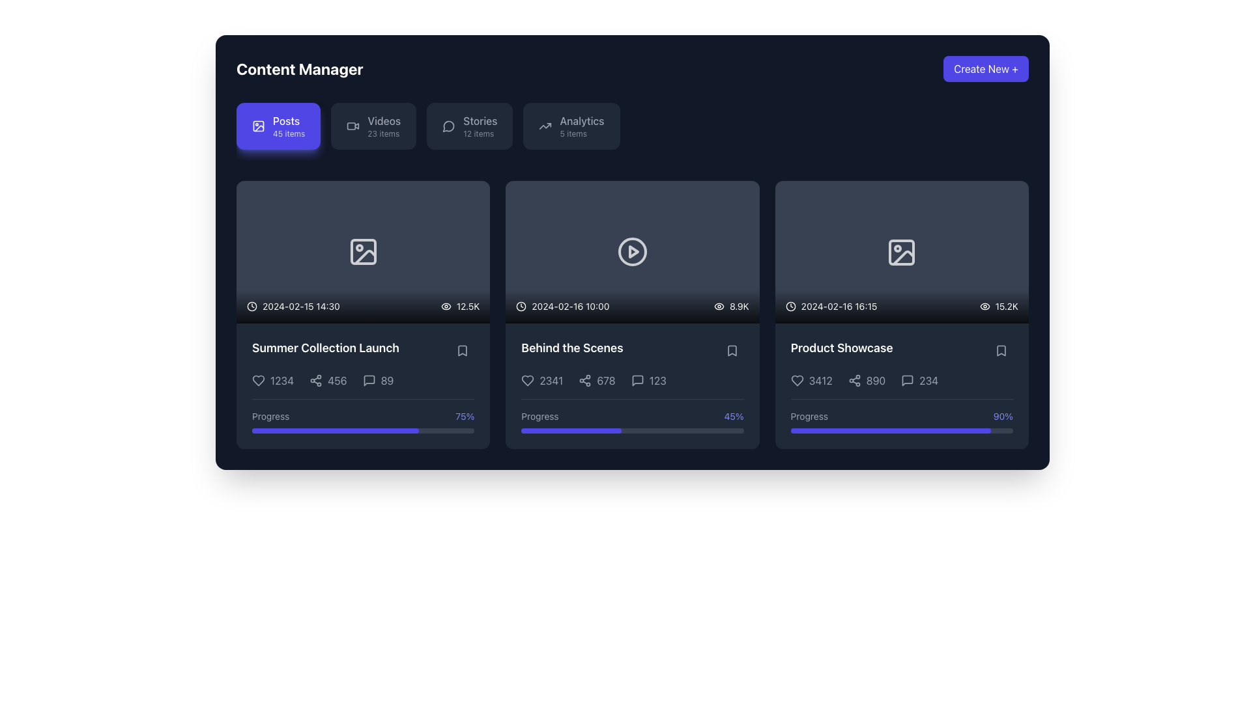 This screenshot has height=703, width=1251. What do you see at coordinates (363, 380) in the screenshot?
I see `the interactive statistics display icons` at bounding box center [363, 380].